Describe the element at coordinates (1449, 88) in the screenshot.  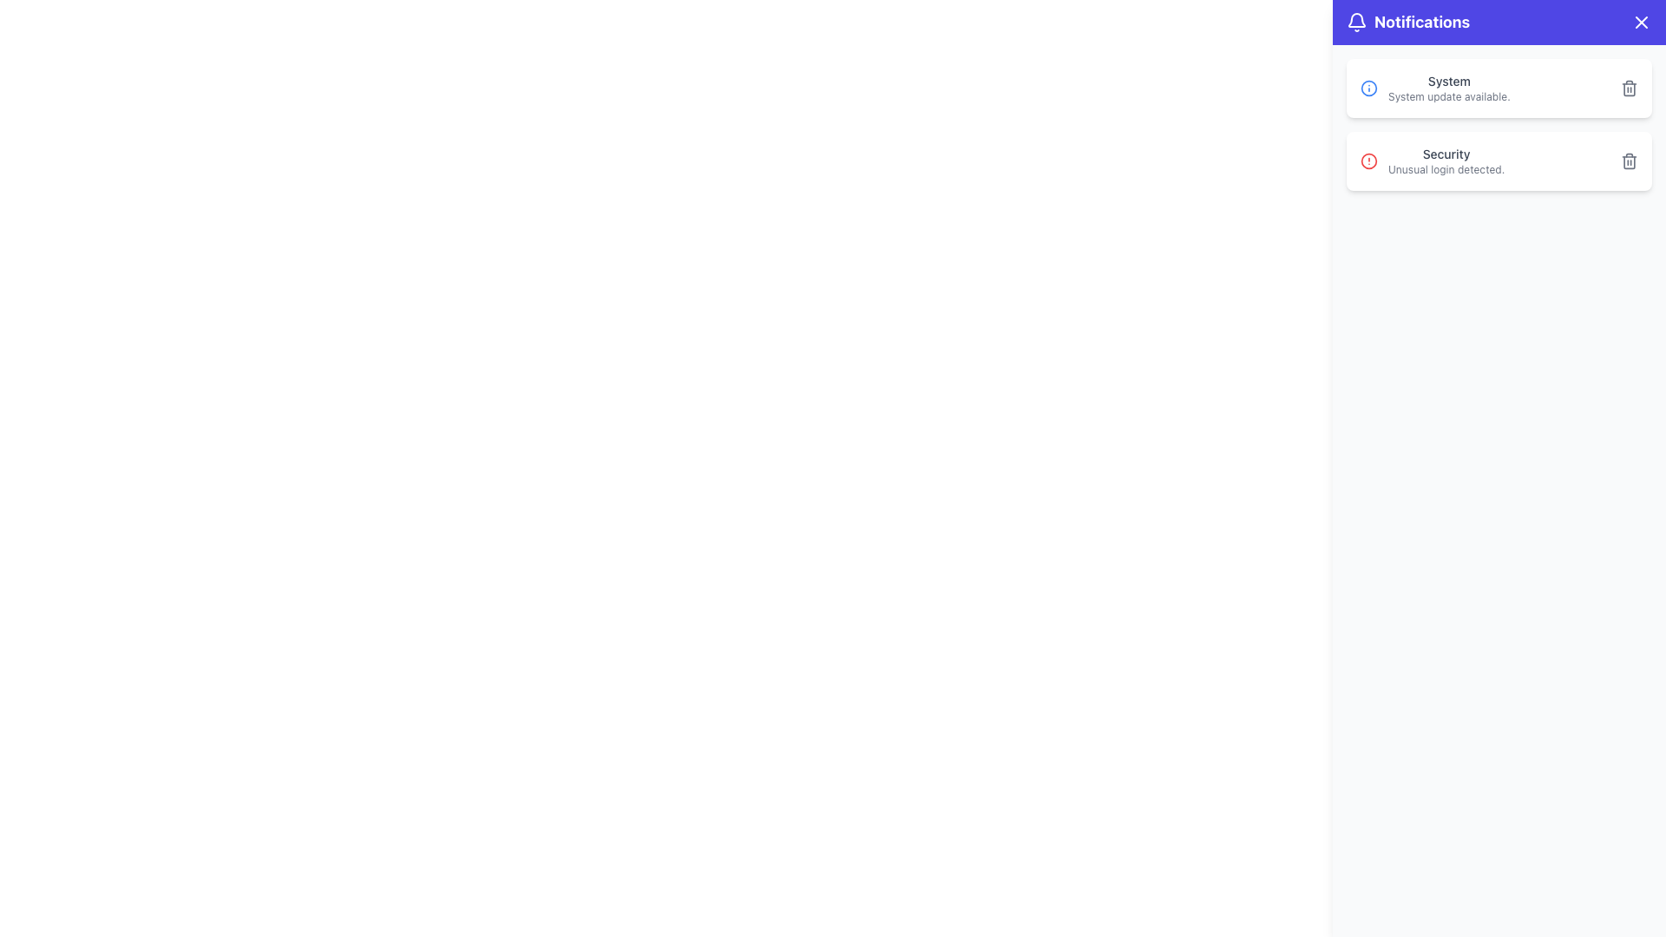
I see `text content of the notification title and description located in the first notification card in the 'Notifications' sidebar, positioned below the icon on the left side of the card` at that location.